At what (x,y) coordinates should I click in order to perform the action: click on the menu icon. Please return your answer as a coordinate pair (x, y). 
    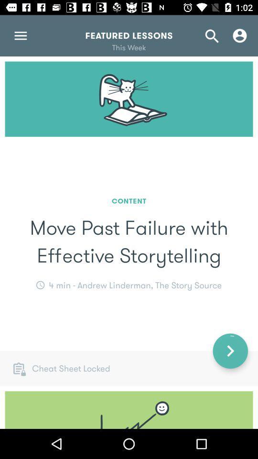
    Looking at the image, I should click on (21, 35).